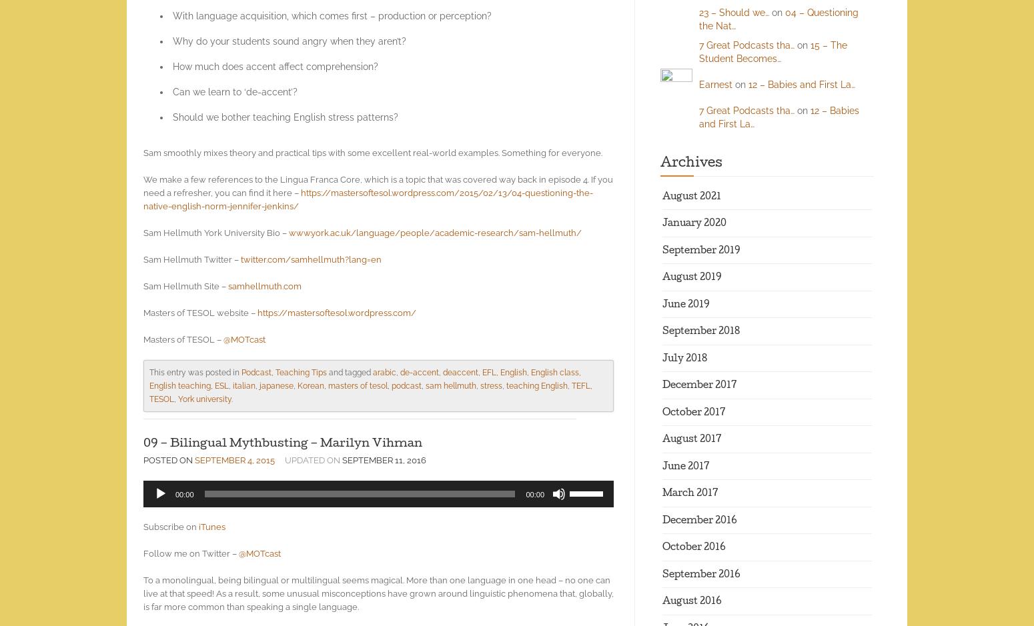  What do you see at coordinates (434, 232) in the screenshot?
I see `'www.york.ac.uk/language/people/academic-research/sam-hellmuth/'` at bounding box center [434, 232].